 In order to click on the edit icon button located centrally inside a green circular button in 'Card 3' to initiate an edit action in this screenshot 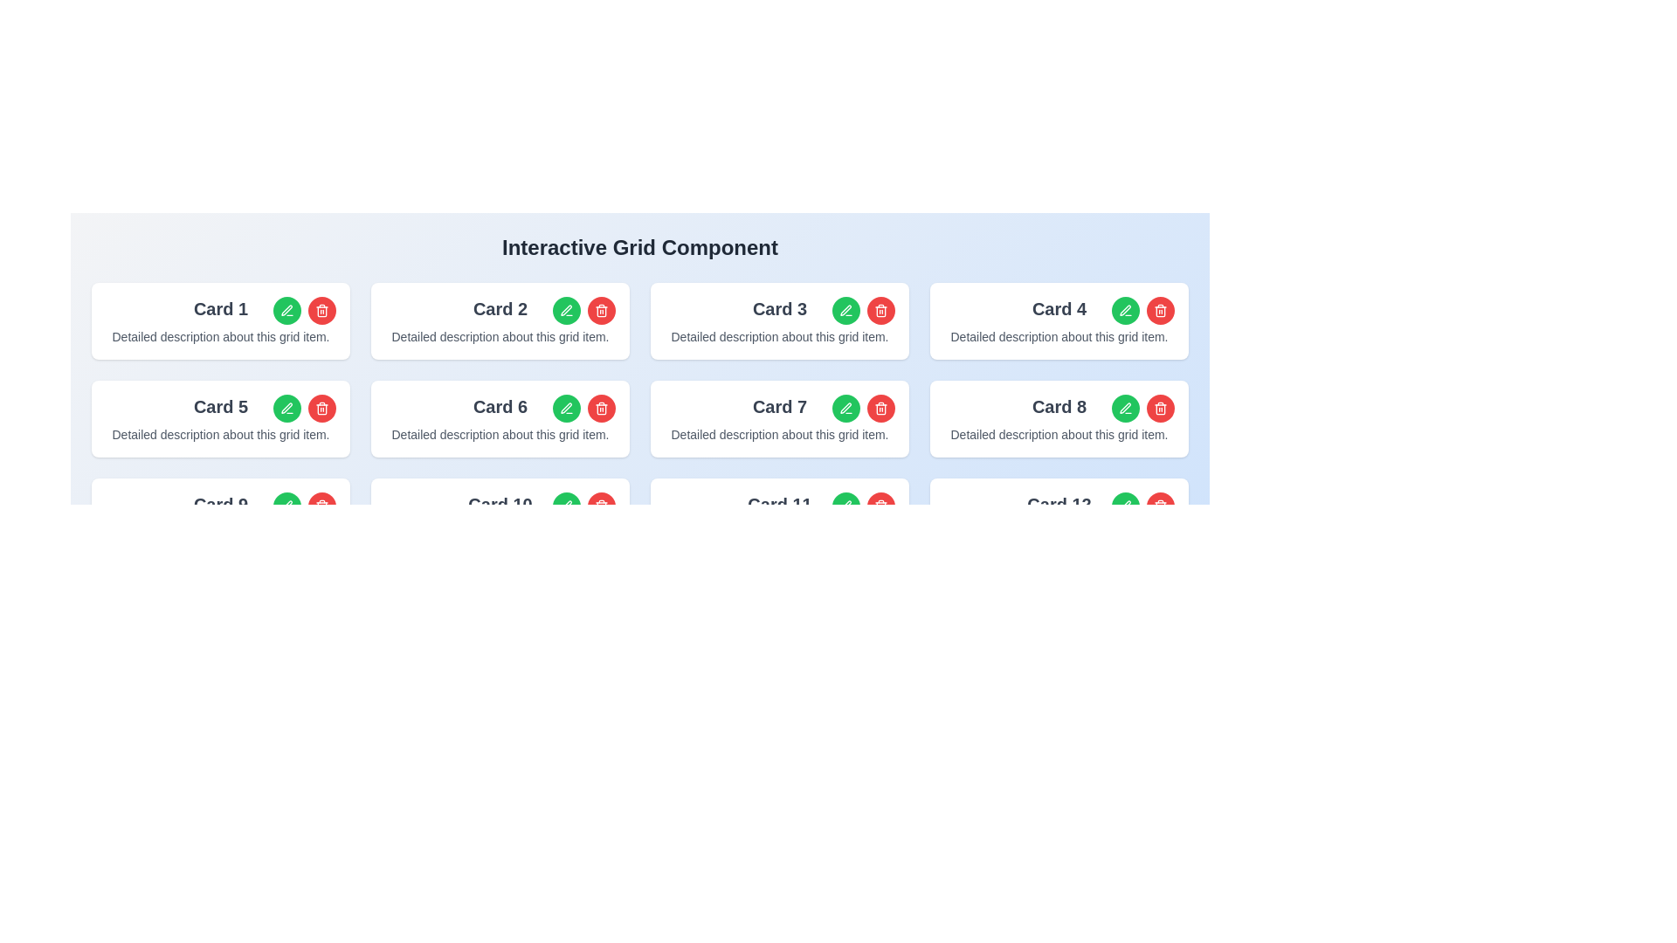, I will do `click(846, 309)`.